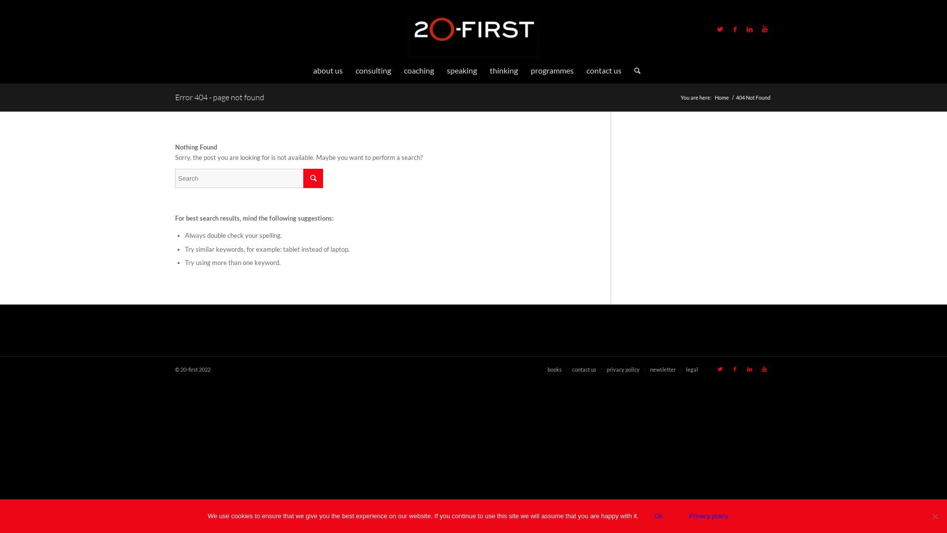  What do you see at coordinates (720, 28) in the screenshot?
I see `'Twitter'` at bounding box center [720, 28].